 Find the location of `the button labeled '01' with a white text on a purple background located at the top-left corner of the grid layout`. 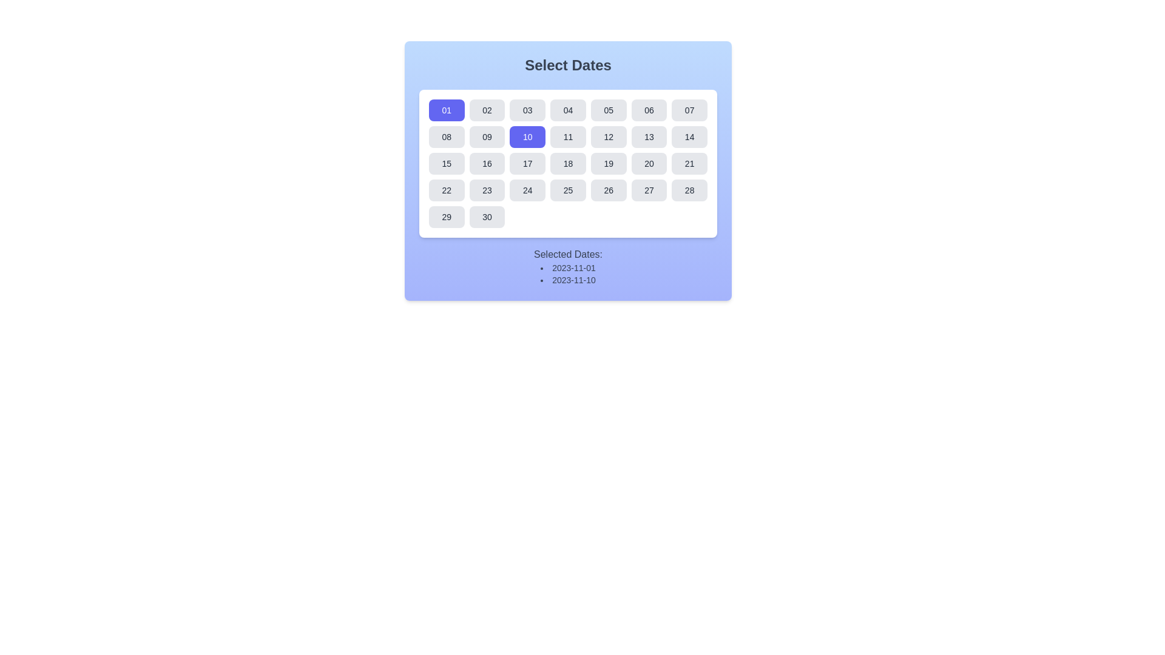

the button labeled '01' with a white text on a purple background located at the top-left corner of the grid layout is located at coordinates (446, 110).